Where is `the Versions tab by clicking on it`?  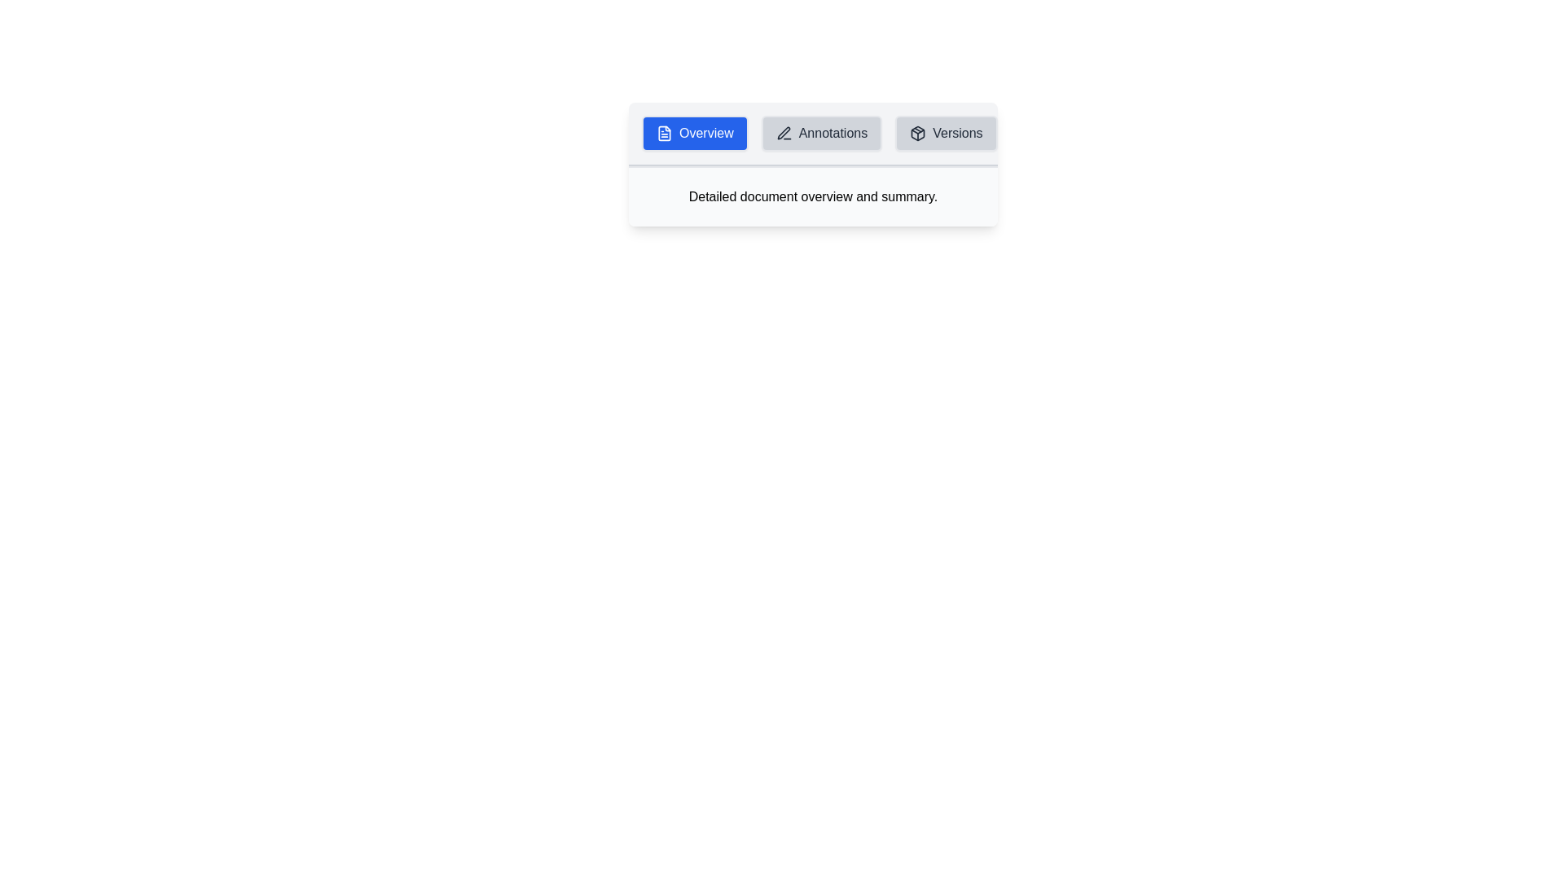 the Versions tab by clicking on it is located at coordinates (946, 133).